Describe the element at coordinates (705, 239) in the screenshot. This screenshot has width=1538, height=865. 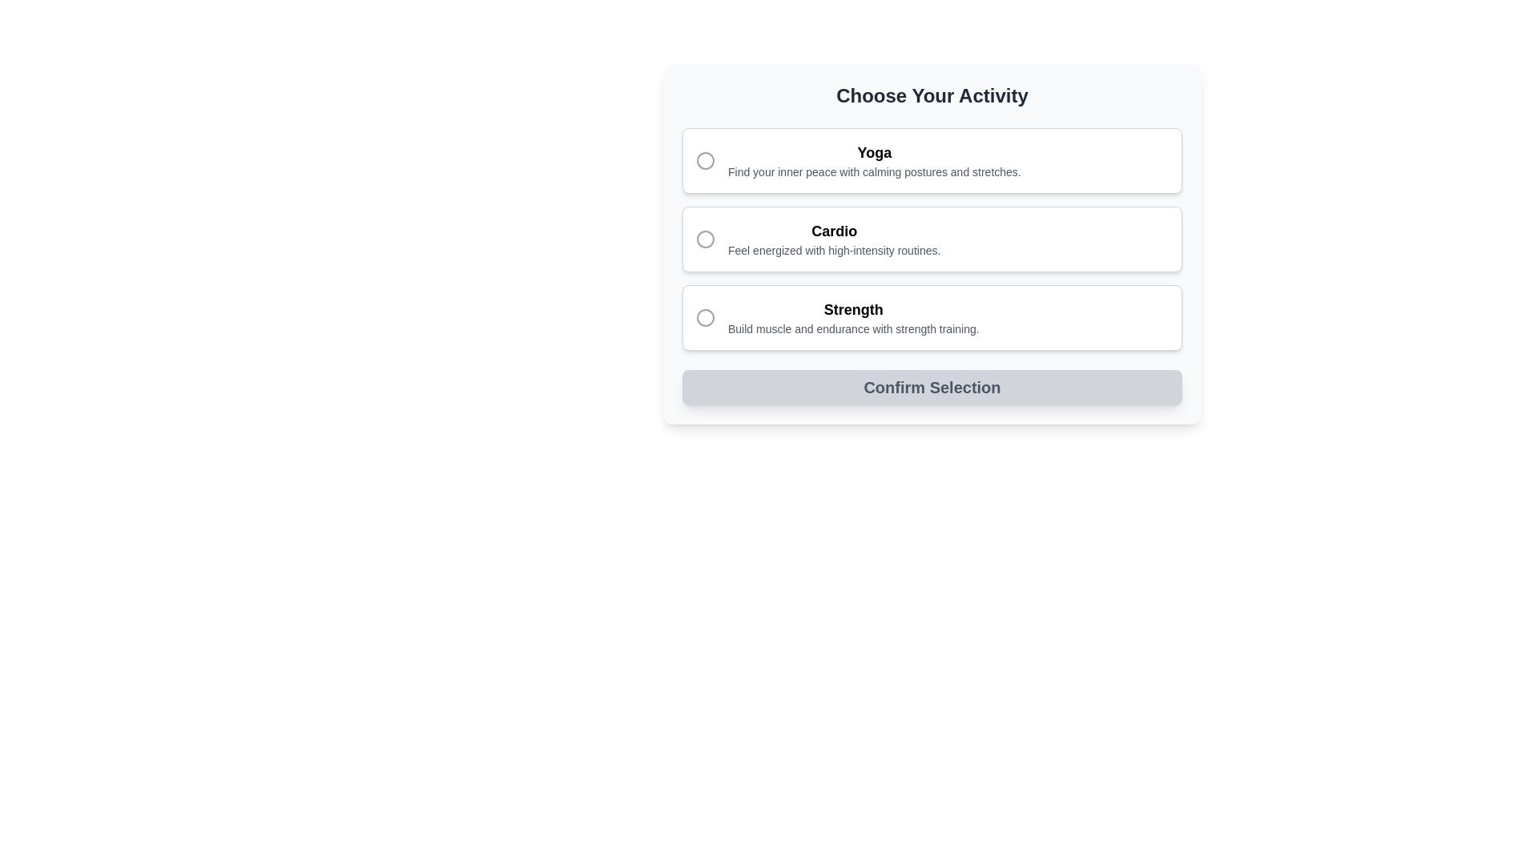
I see `the first radio button option associated with the 'Cardio' label` at that location.